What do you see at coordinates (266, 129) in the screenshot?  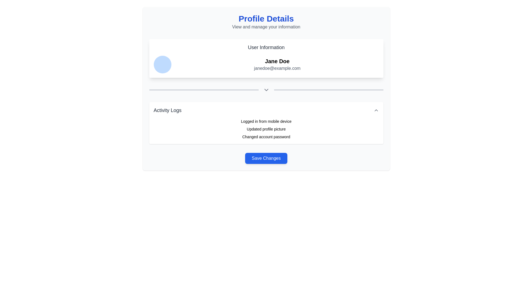 I see `the static text list displaying recent user activities in the 'Activity Logs' section of the interface` at bounding box center [266, 129].